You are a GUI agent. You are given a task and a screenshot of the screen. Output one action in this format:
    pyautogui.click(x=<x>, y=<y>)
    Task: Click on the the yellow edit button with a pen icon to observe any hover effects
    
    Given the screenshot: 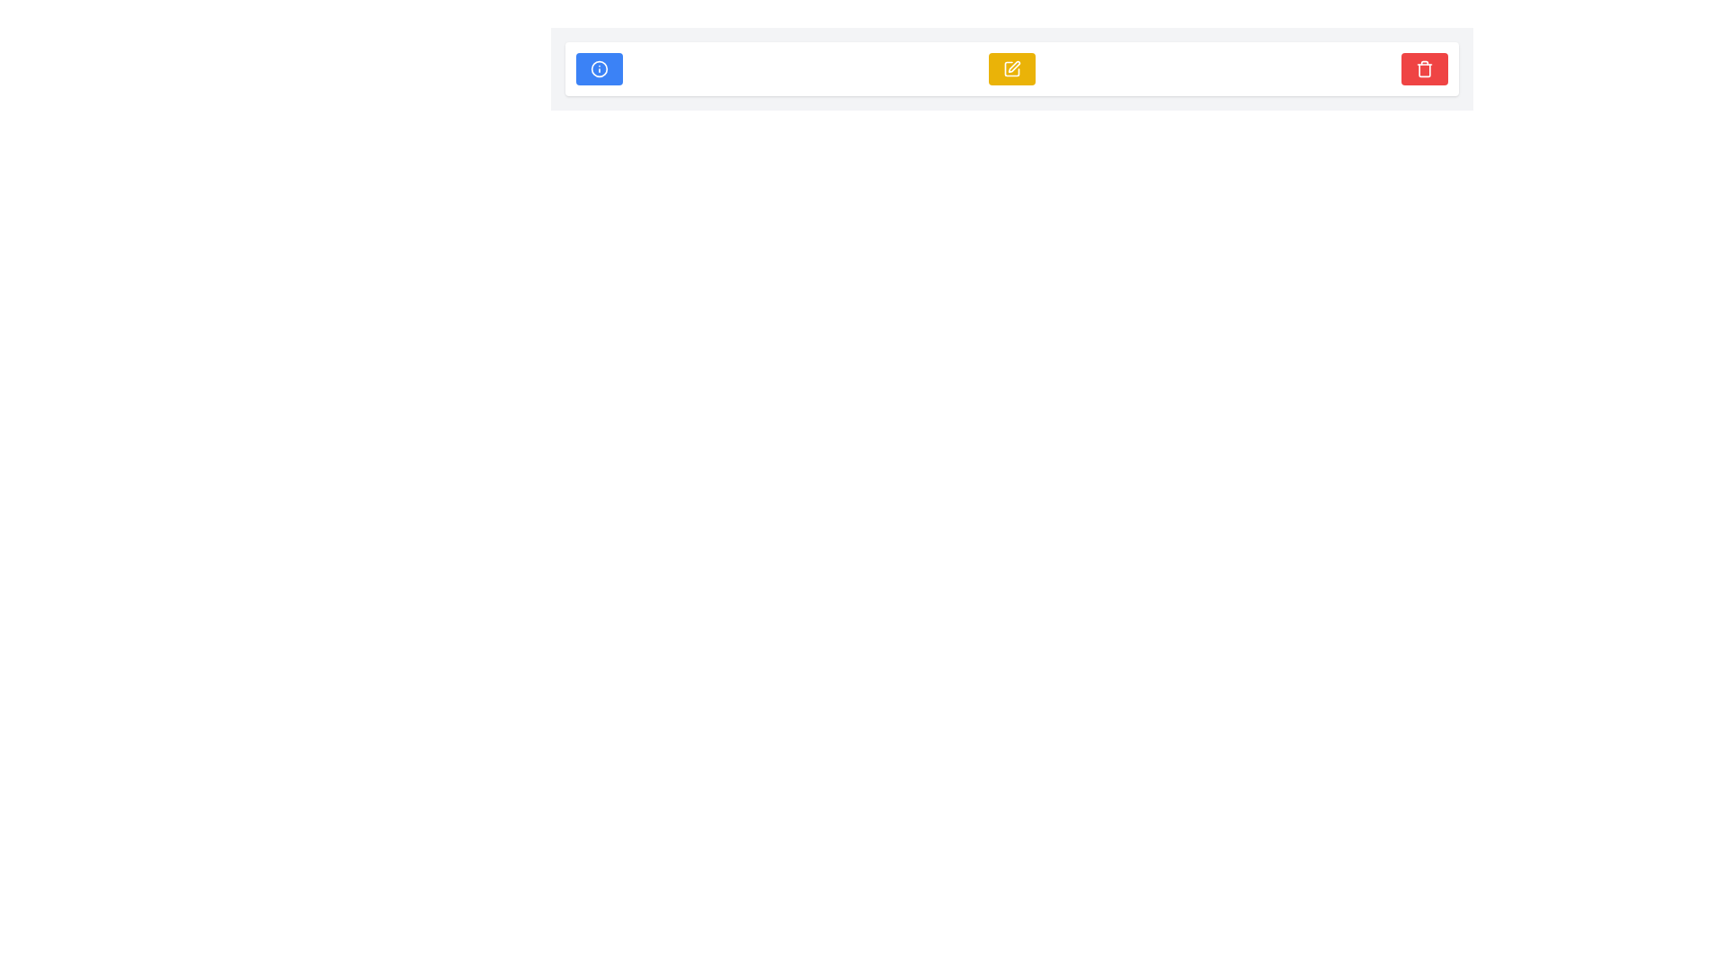 What is the action you would take?
    pyautogui.click(x=1012, y=68)
    